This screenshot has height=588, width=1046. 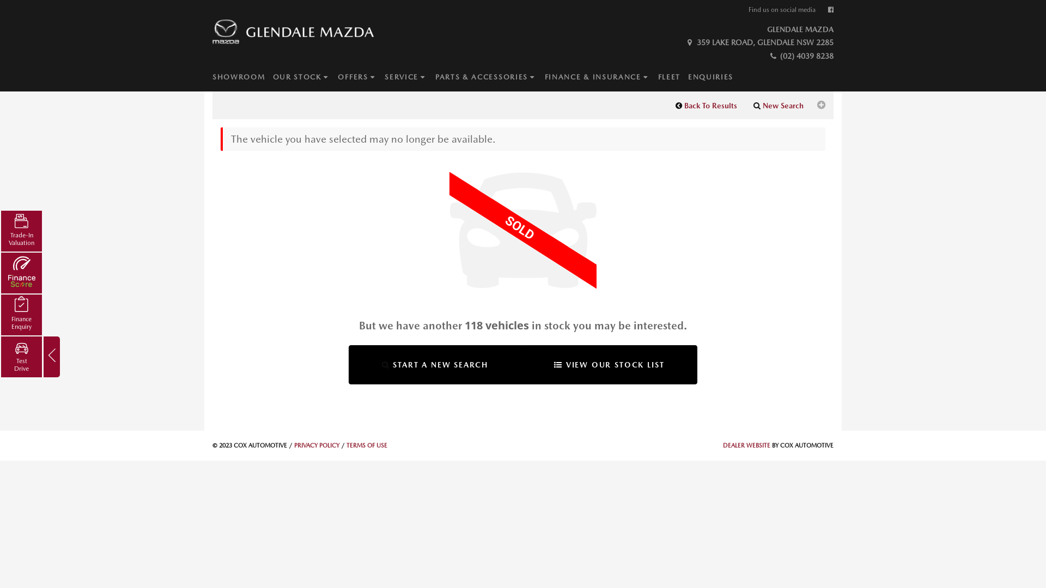 I want to click on 'OFFERS', so click(x=361, y=77).